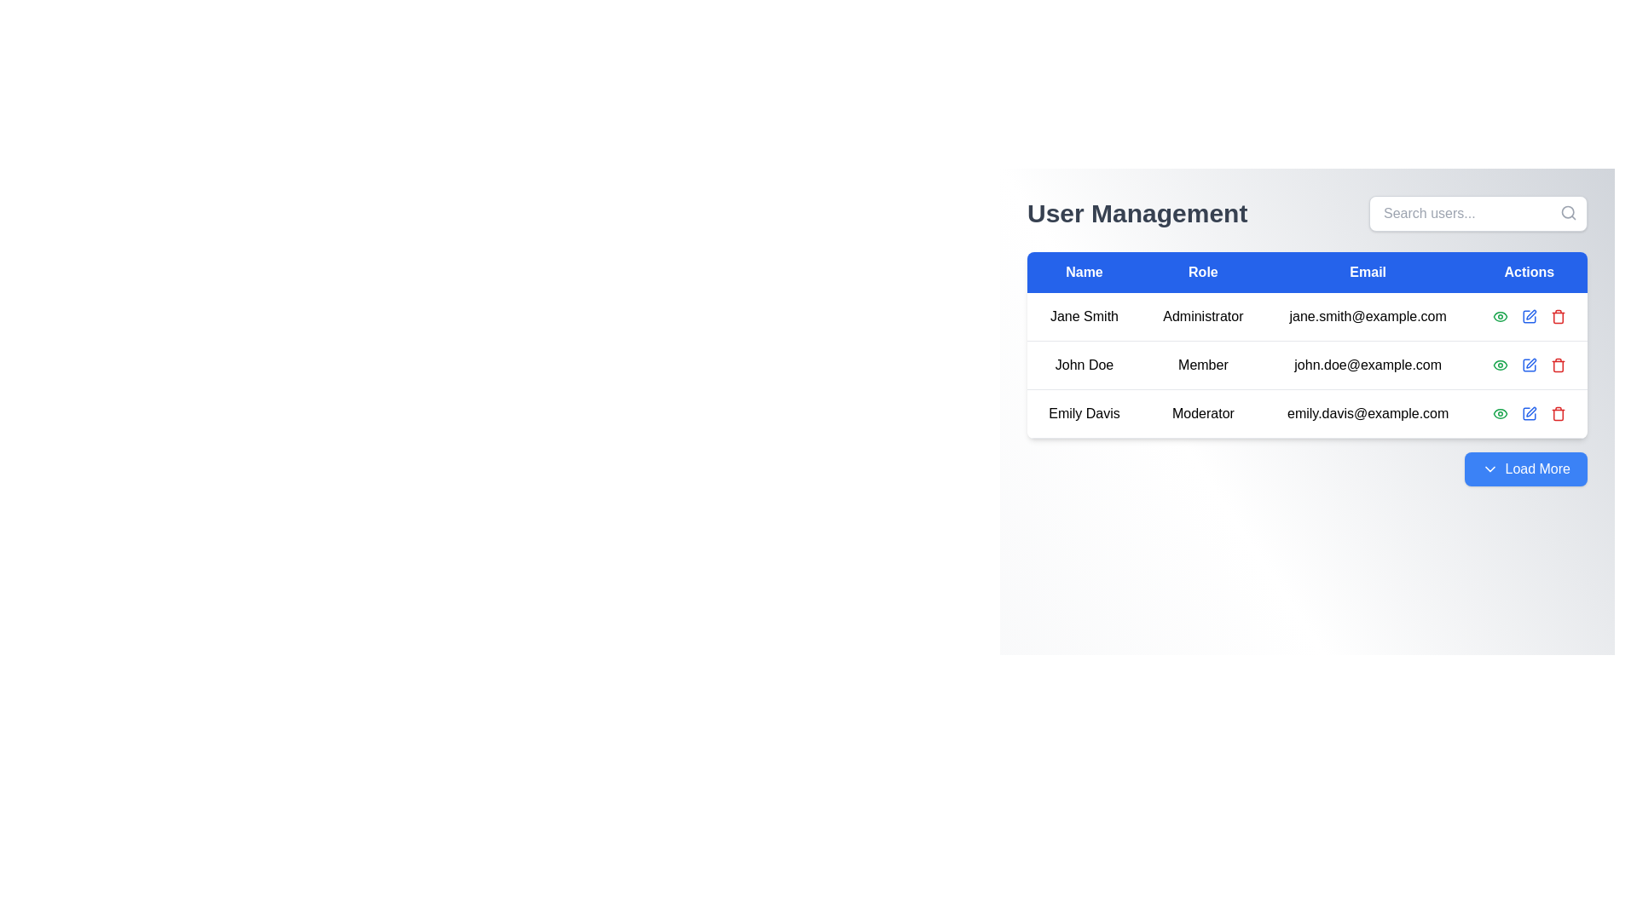  Describe the element at coordinates (1530, 362) in the screenshot. I see `the Icon button in the 'Actions' column of the second row representing John Doe` at that location.